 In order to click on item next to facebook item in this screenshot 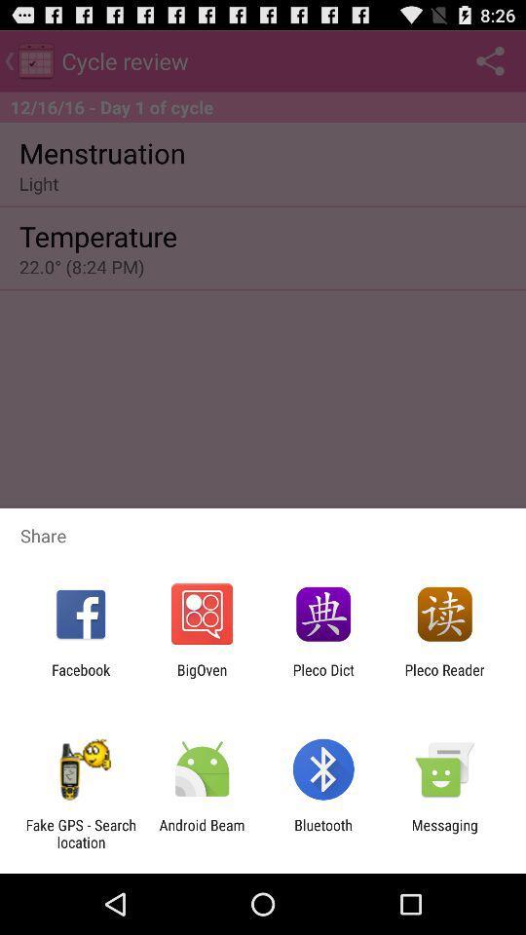, I will do `click(201, 678)`.